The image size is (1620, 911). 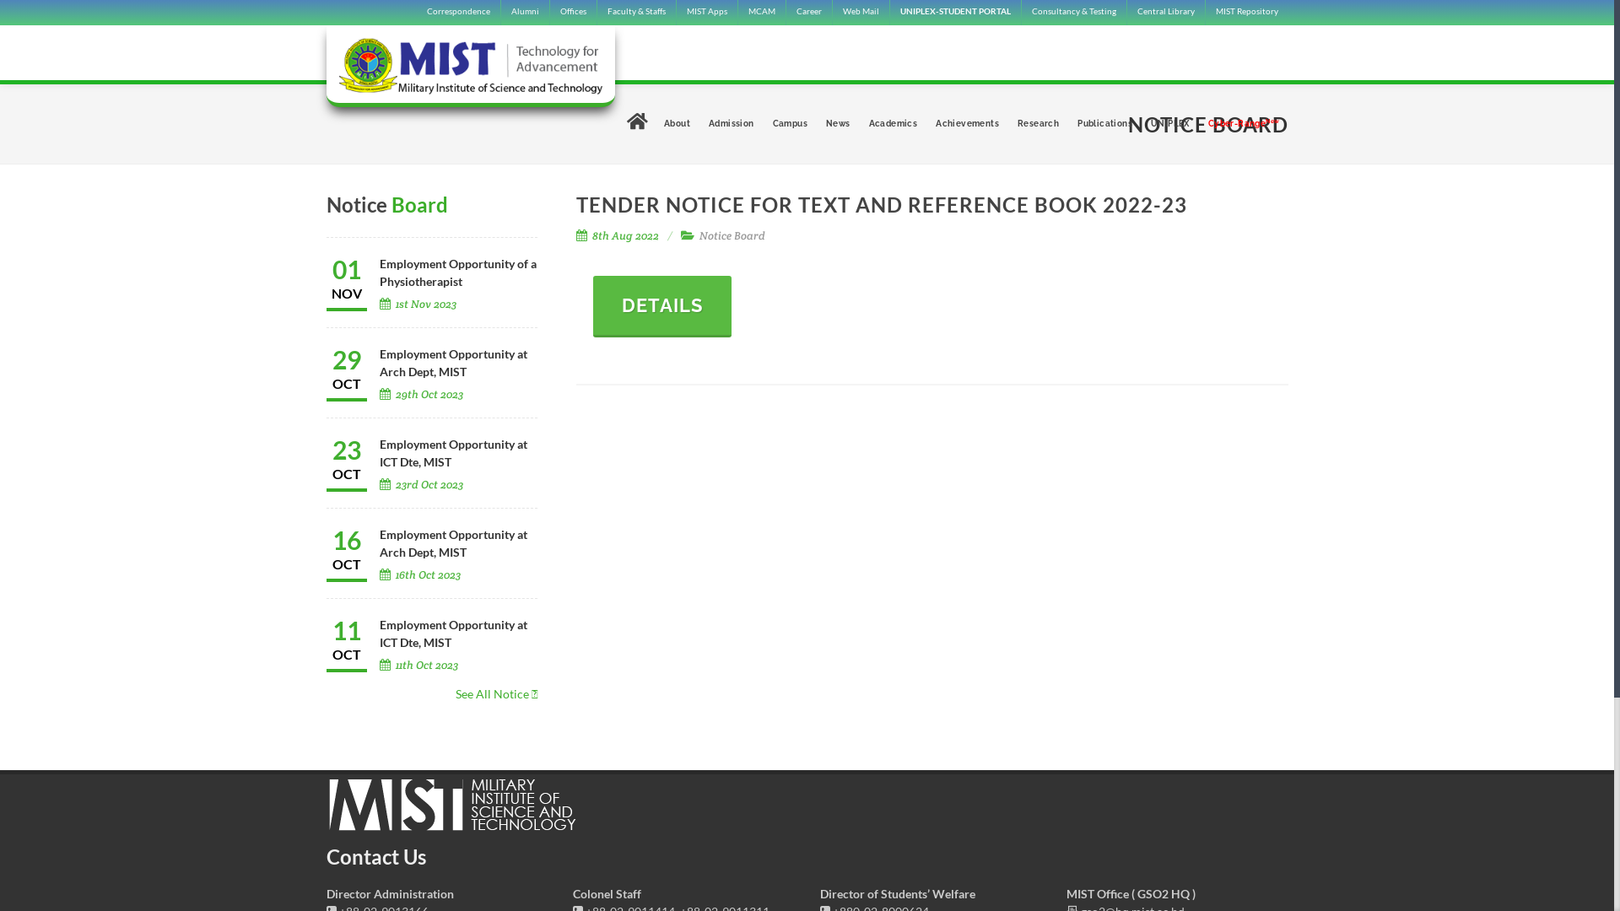 I want to click on 'Correspondence', so click(x=458, y=13).